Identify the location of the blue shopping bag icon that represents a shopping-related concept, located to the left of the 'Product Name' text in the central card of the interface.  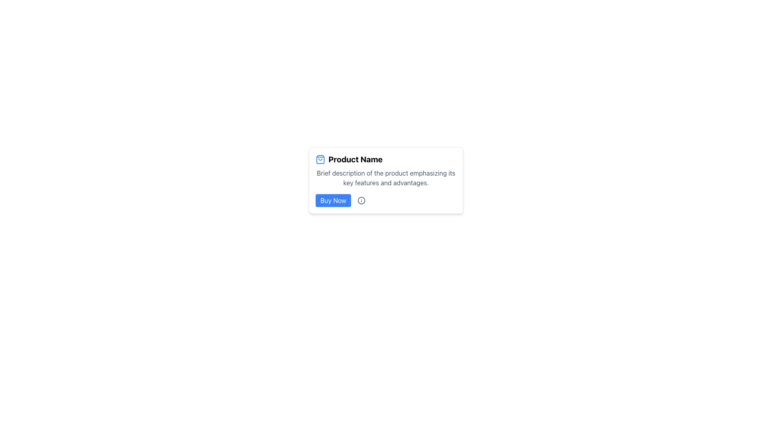
(320, 159).